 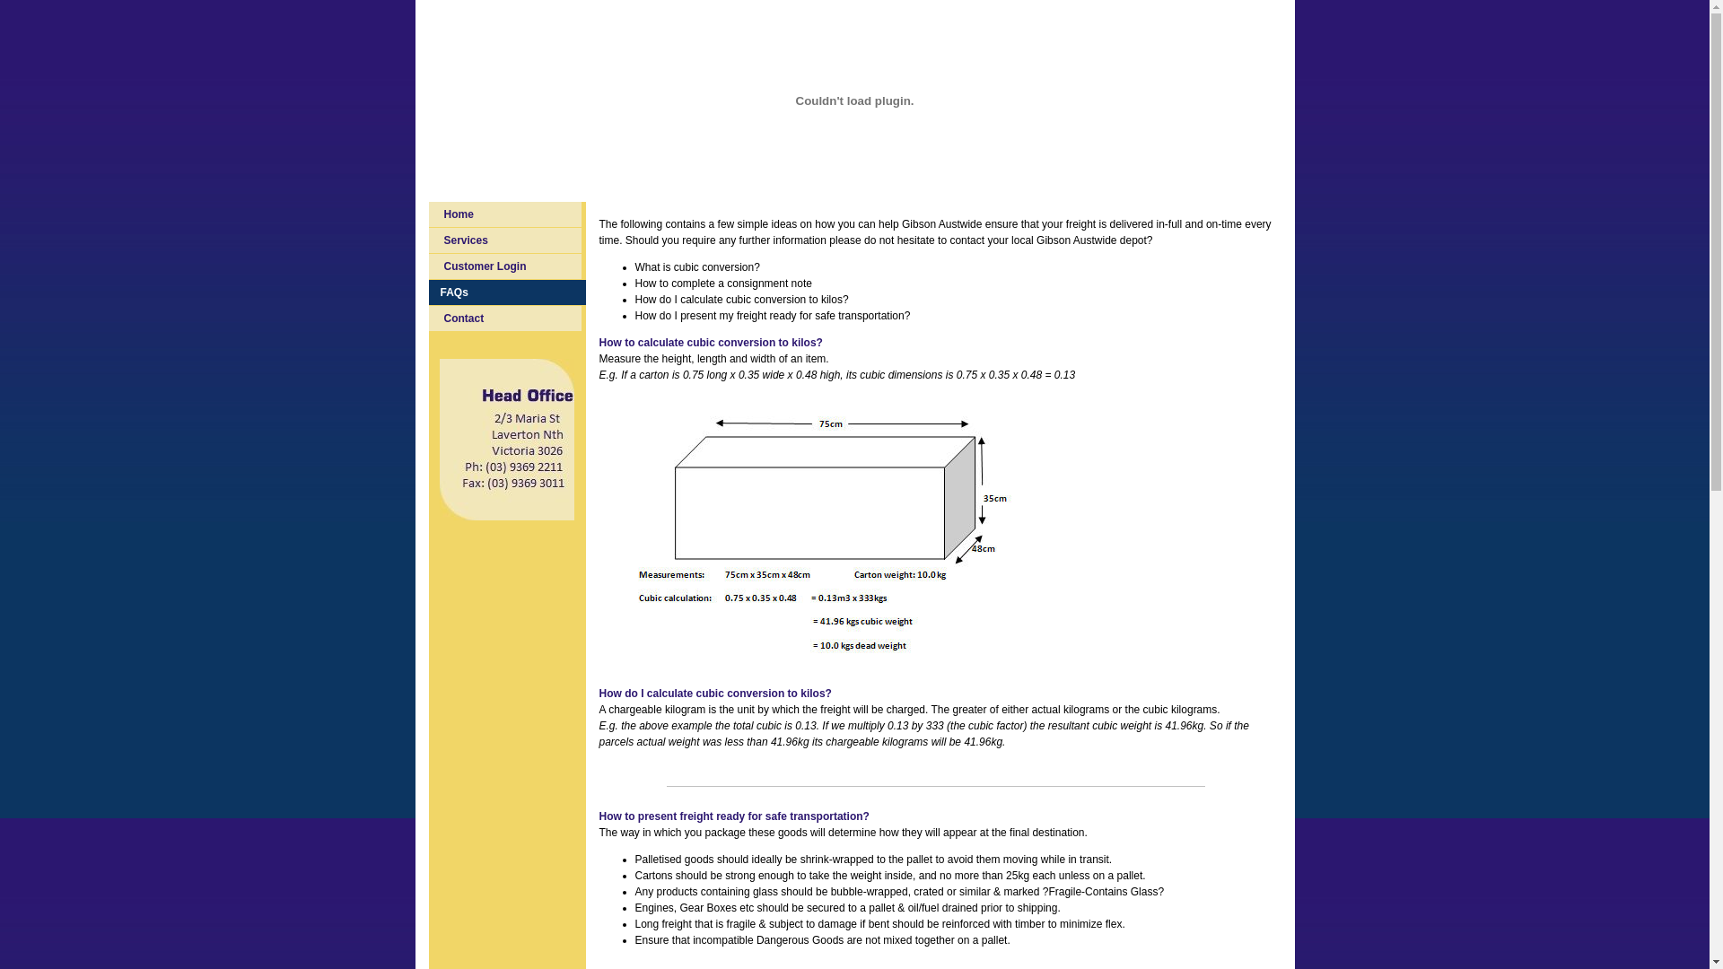 What do you see at coordinates (428, 214) in the screenshot?
I see `'Home'` at bounding box center [428, 214].